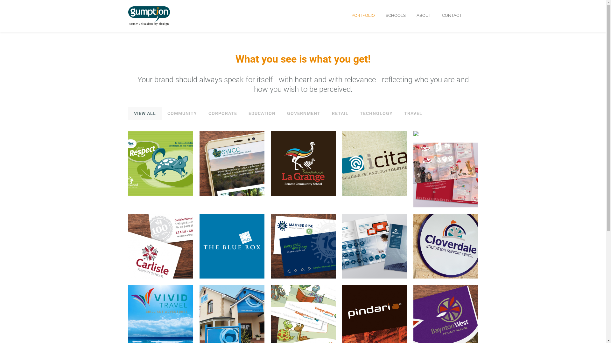 Image resolution: width=611 pixels, height=343 pixels. What do you see at coordinates (451, 15) in the screenshot?
I see `'CONTACT'` at bounding box center [451, 15].